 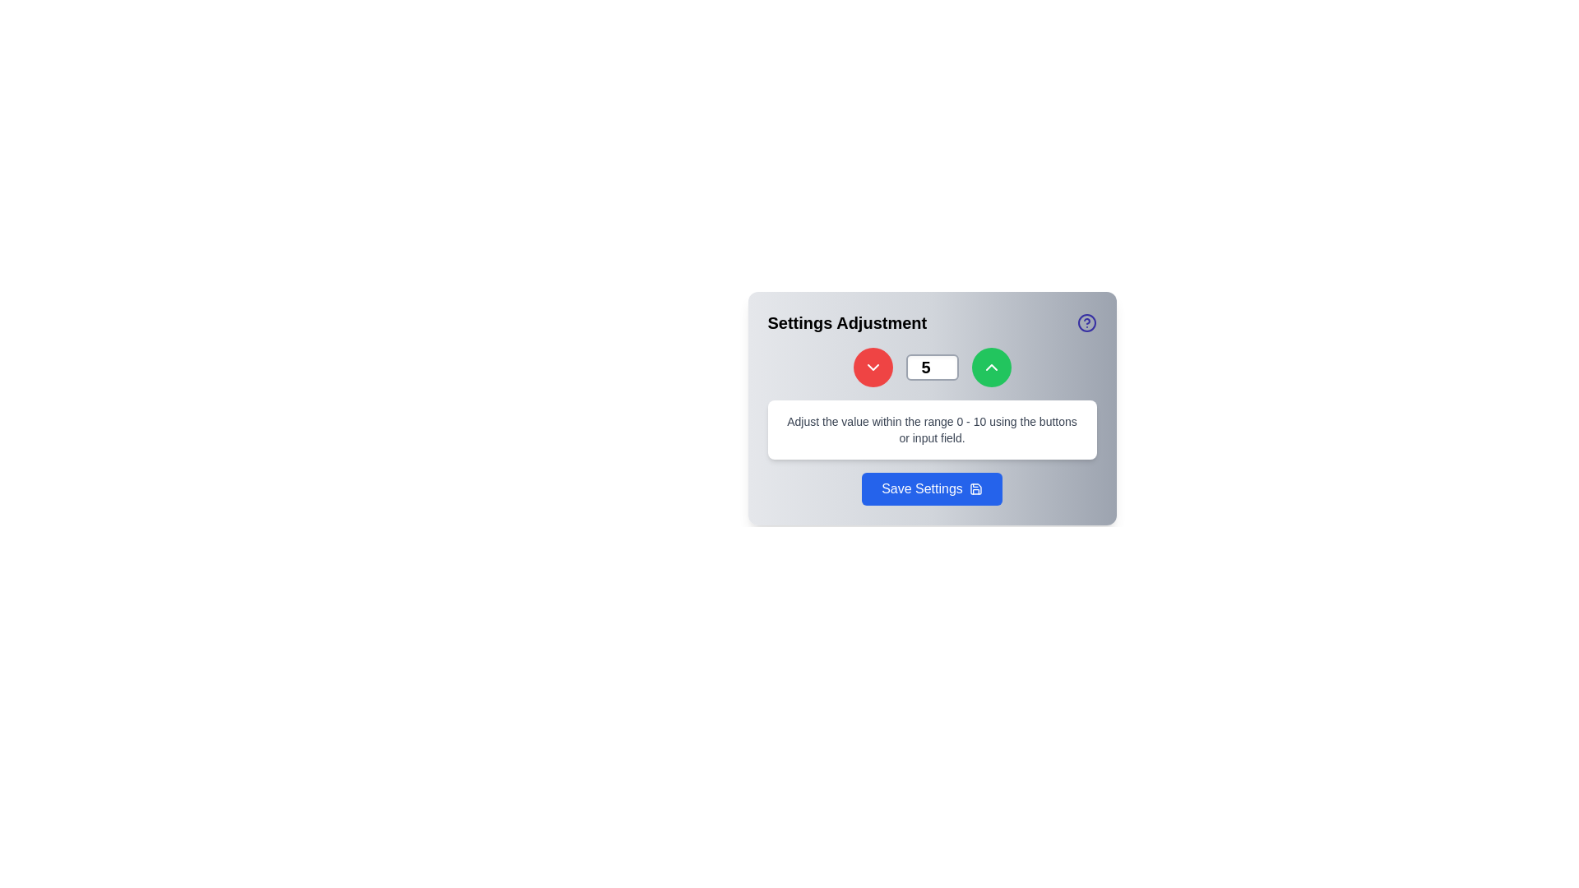 What do you see at coordinates (1086, 323) in the screenshot?
I see `the circular part of the question-mark icon located in the top-right corner of the settings dialog box` at bounding box center [1086, 323].